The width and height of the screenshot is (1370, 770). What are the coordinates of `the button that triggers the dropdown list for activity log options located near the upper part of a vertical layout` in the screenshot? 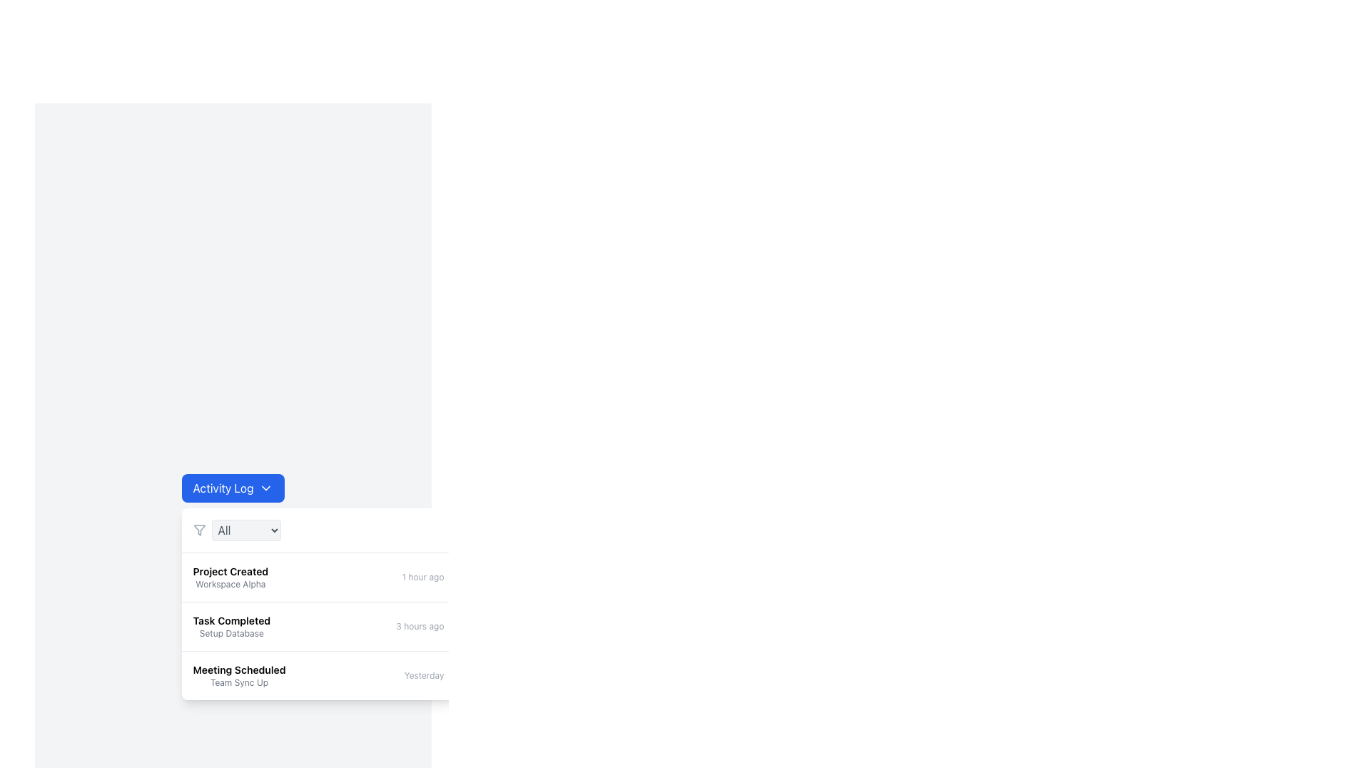 It's located at (233, 488).